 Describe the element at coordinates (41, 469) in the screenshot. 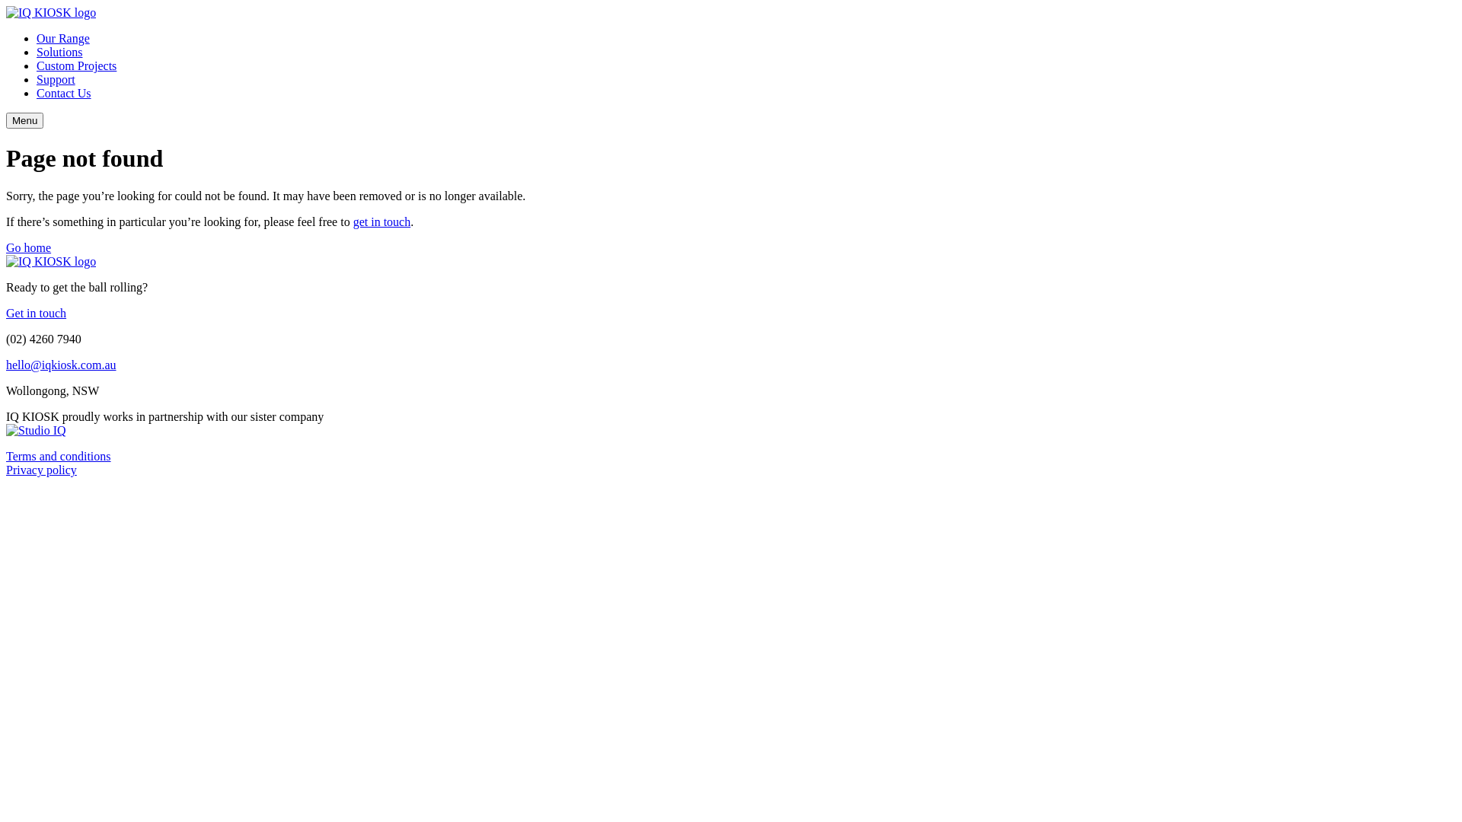

I see `'Privacy policy'` at that location.